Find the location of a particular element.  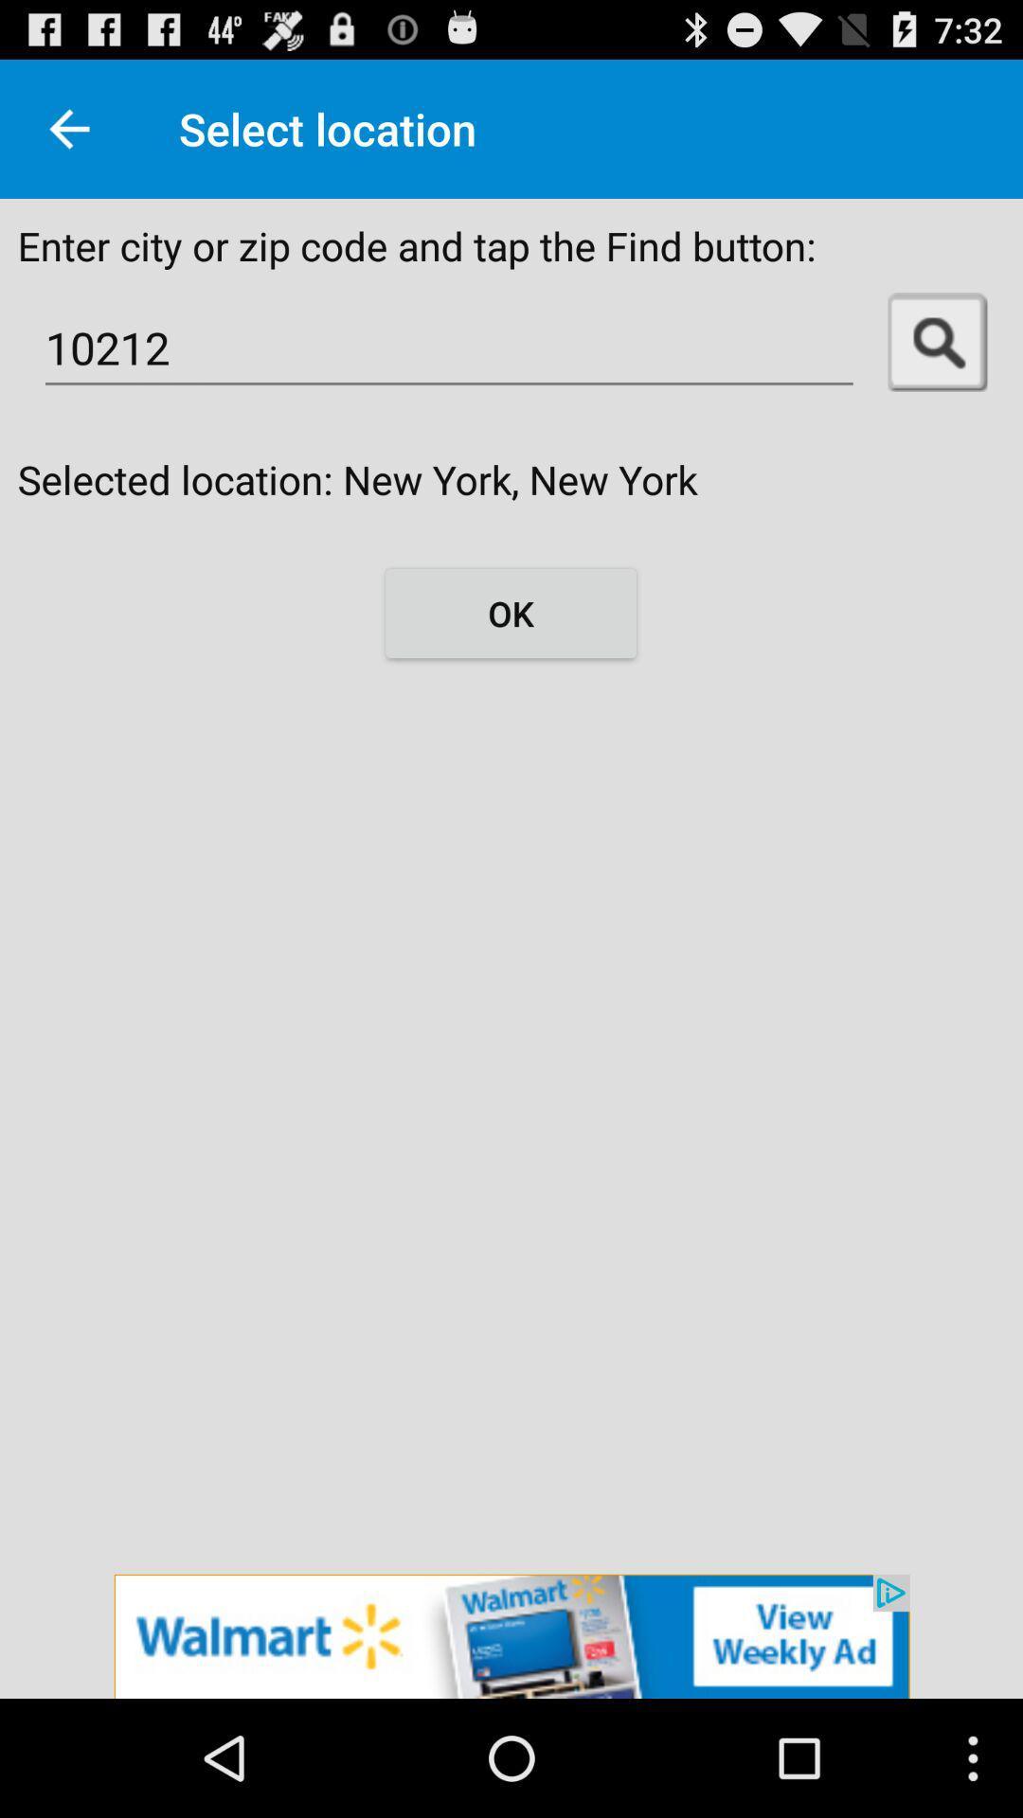

advertisement is located at coordinates (511, 1635).